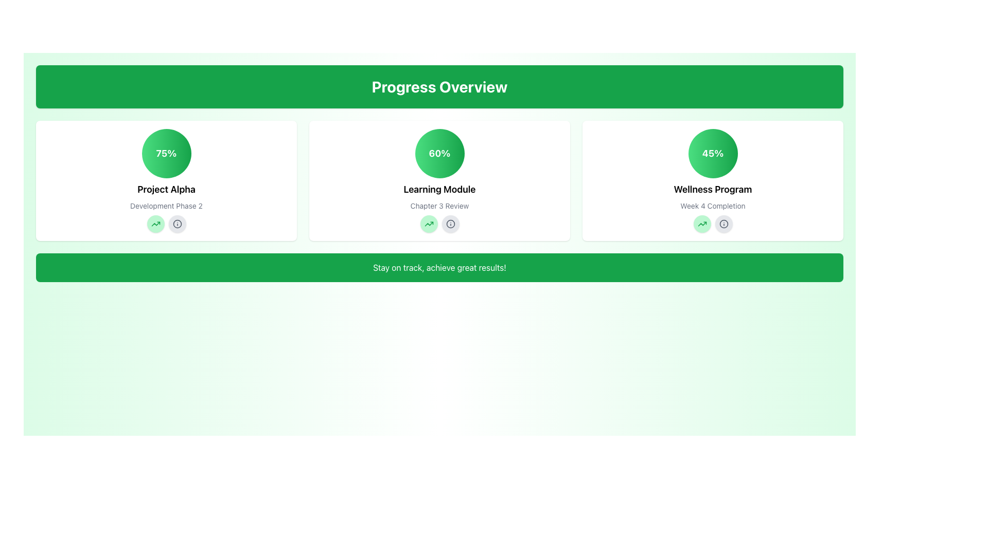  Describe the element at coordinates (166, 180) in the screenshot. I see `the action button located below the progress tracker card representing the project completion percentage, which is the first card in the 'Progress Overview' section` at that location.